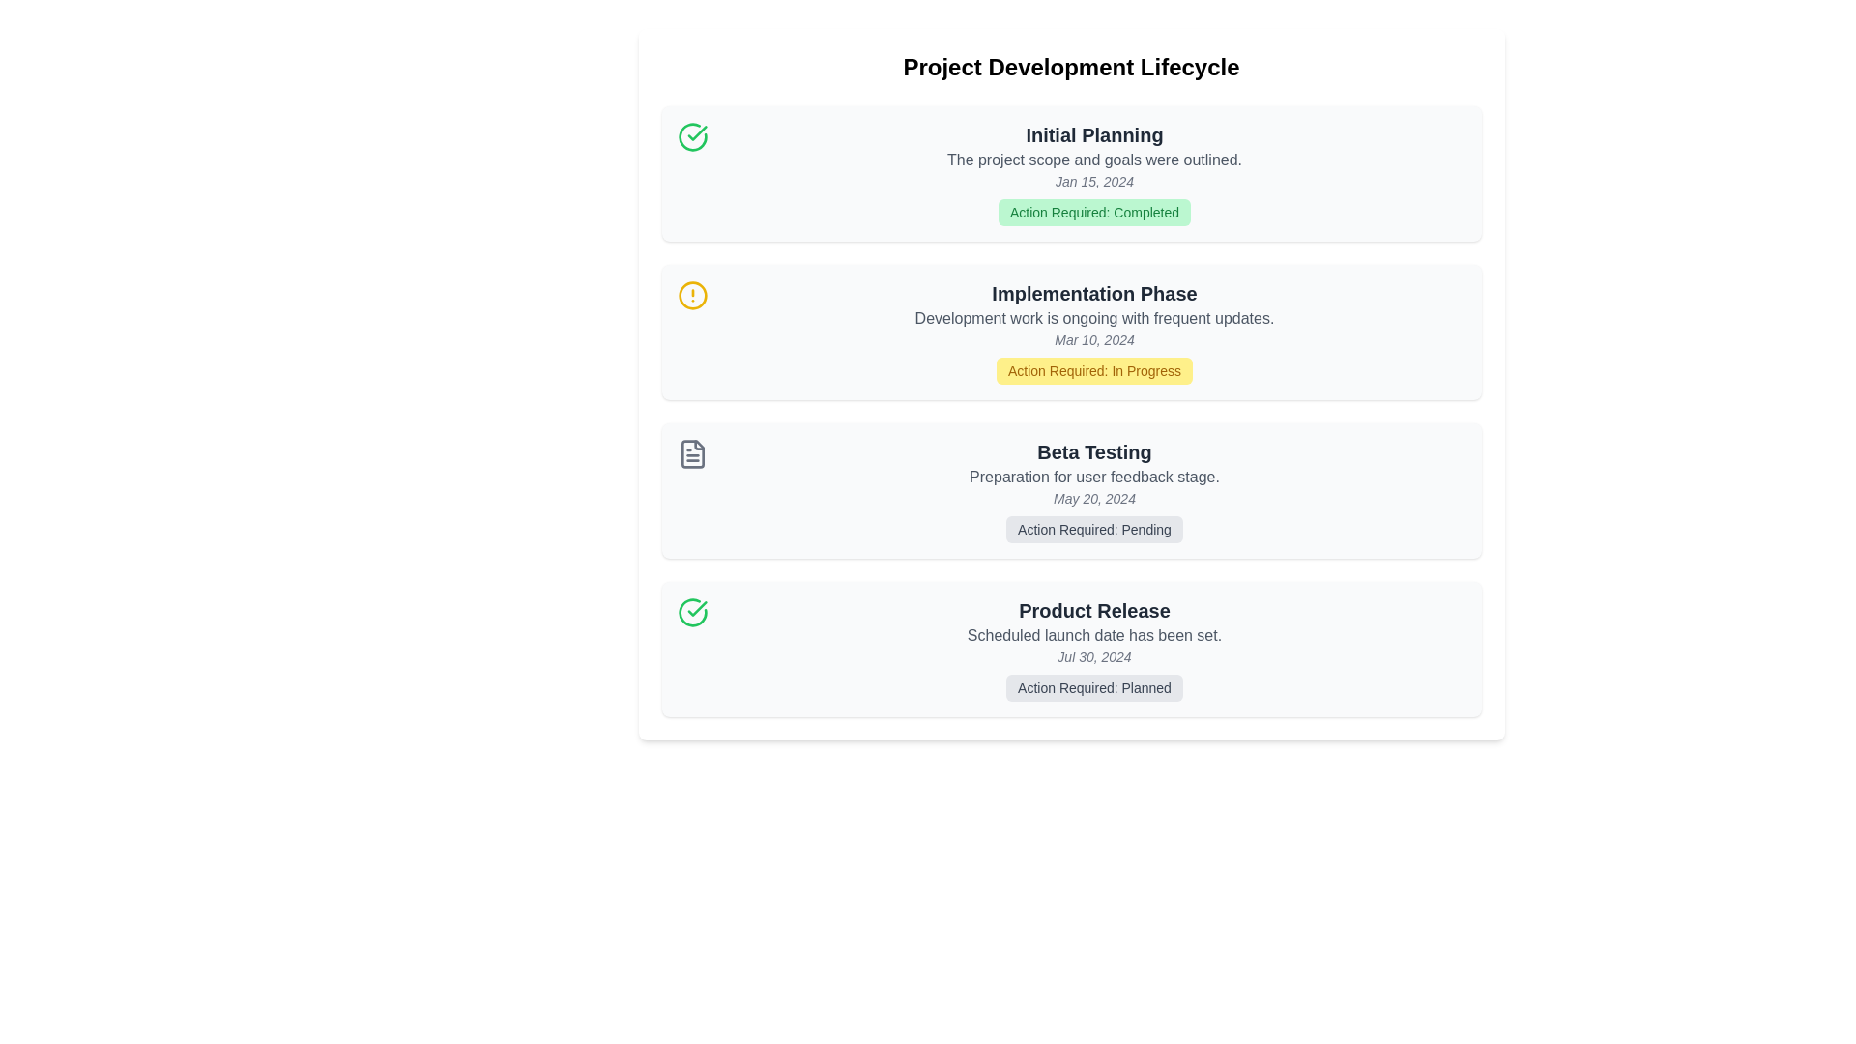  I want to click on the file icon, which is a rectangular graphic resembling a document sheet with a folded corner, located to the left of the 'Beta Testing' text, so click(692, 454).